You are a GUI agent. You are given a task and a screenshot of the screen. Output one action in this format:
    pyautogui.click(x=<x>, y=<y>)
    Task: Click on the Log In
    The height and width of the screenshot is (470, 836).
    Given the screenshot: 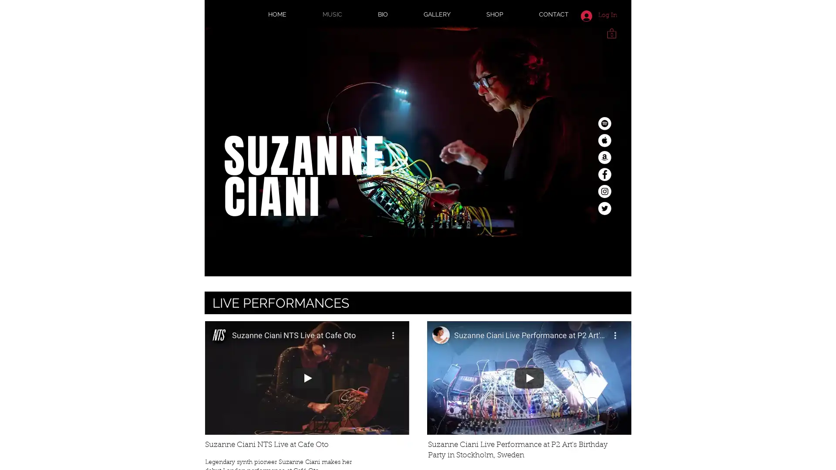 What is the action you would take?
    pyautogui.click(x=598, y=15)
    